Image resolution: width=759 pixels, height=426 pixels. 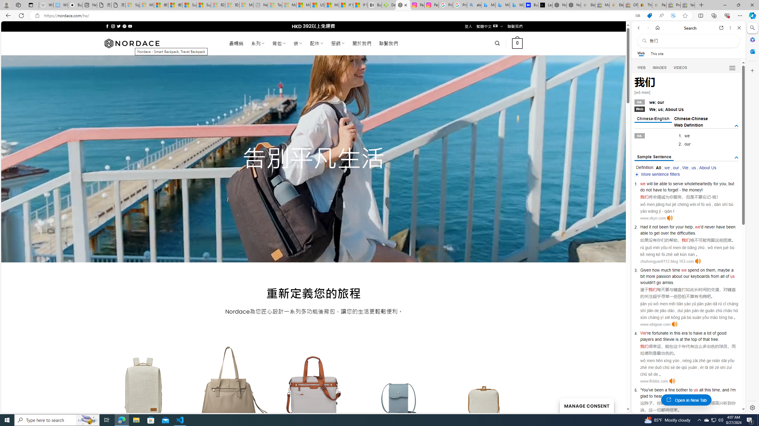 What do you see at coordinates (688, 5) in the screenshot?
I see `'Yard, Garden & Outdoor Living - Sleeping'` at bounding box center [688, 5].